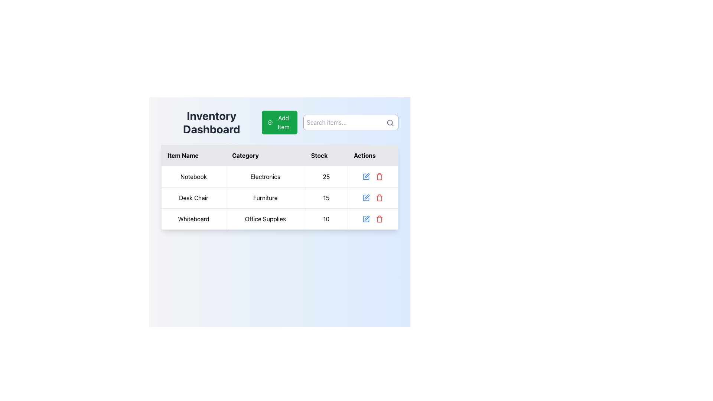  What do you see at coordinates (279, 176) in the screenshot?
I see `to select the topmost row in the inventory dashboard table, which contains details like name, category, and stock count` at bounding box center [279, 176].